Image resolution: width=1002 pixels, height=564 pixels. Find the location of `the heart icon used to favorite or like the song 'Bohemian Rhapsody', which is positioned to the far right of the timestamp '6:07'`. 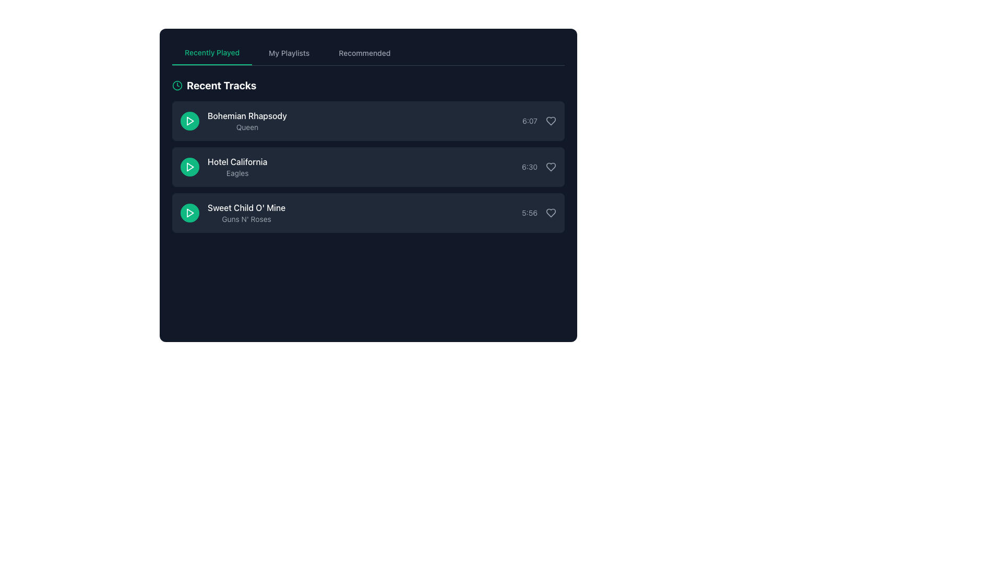

the heart icon used to favorite or like the song 'Bohemian Rhapsody', which is positioned to the far right of the timestamp '6:07' is located at coordinates (551, 120).